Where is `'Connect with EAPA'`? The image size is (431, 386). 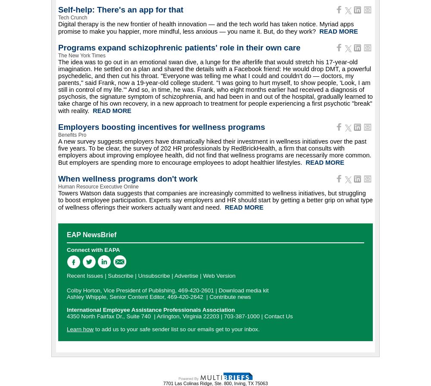 'Connect with EAPA' is located at coordinates (93, 249).